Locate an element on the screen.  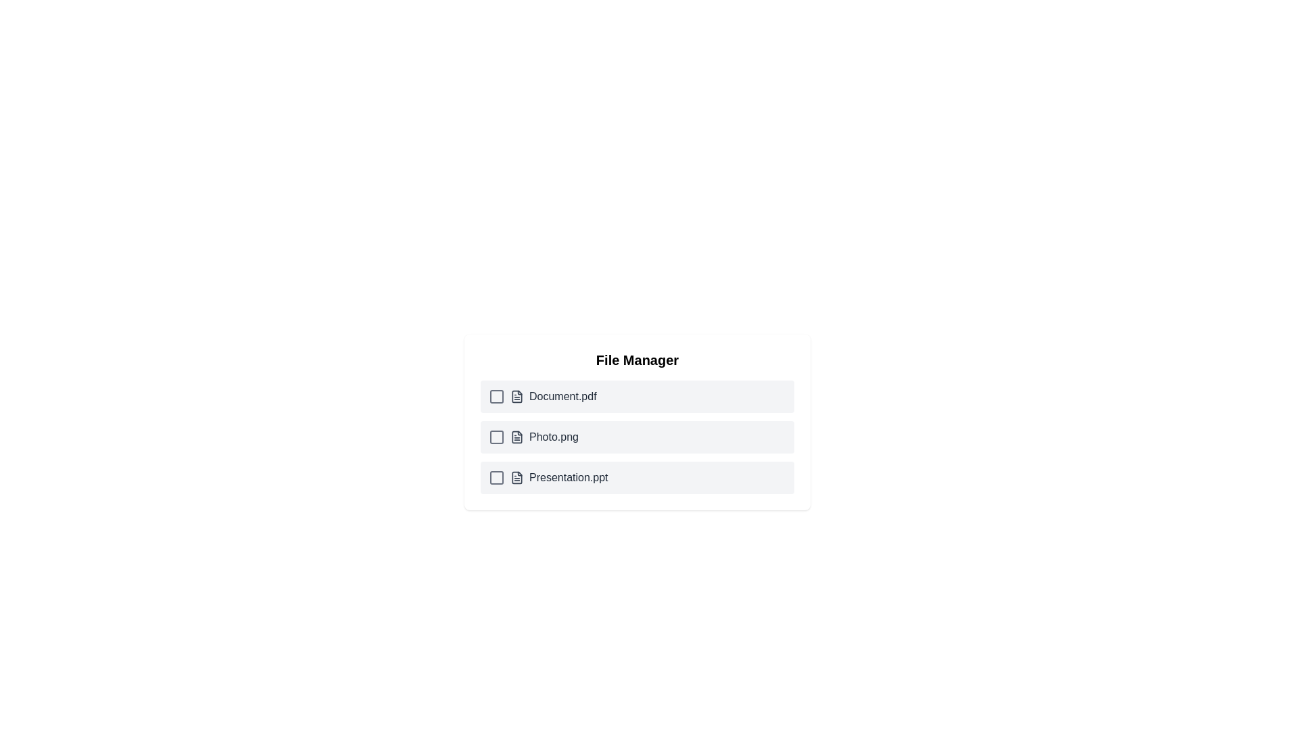
the document icon resembling a file, which is the third icon from the top in the file manager interface, aligned with 'Presentation.ppt' is located at coordinates (516, 477).